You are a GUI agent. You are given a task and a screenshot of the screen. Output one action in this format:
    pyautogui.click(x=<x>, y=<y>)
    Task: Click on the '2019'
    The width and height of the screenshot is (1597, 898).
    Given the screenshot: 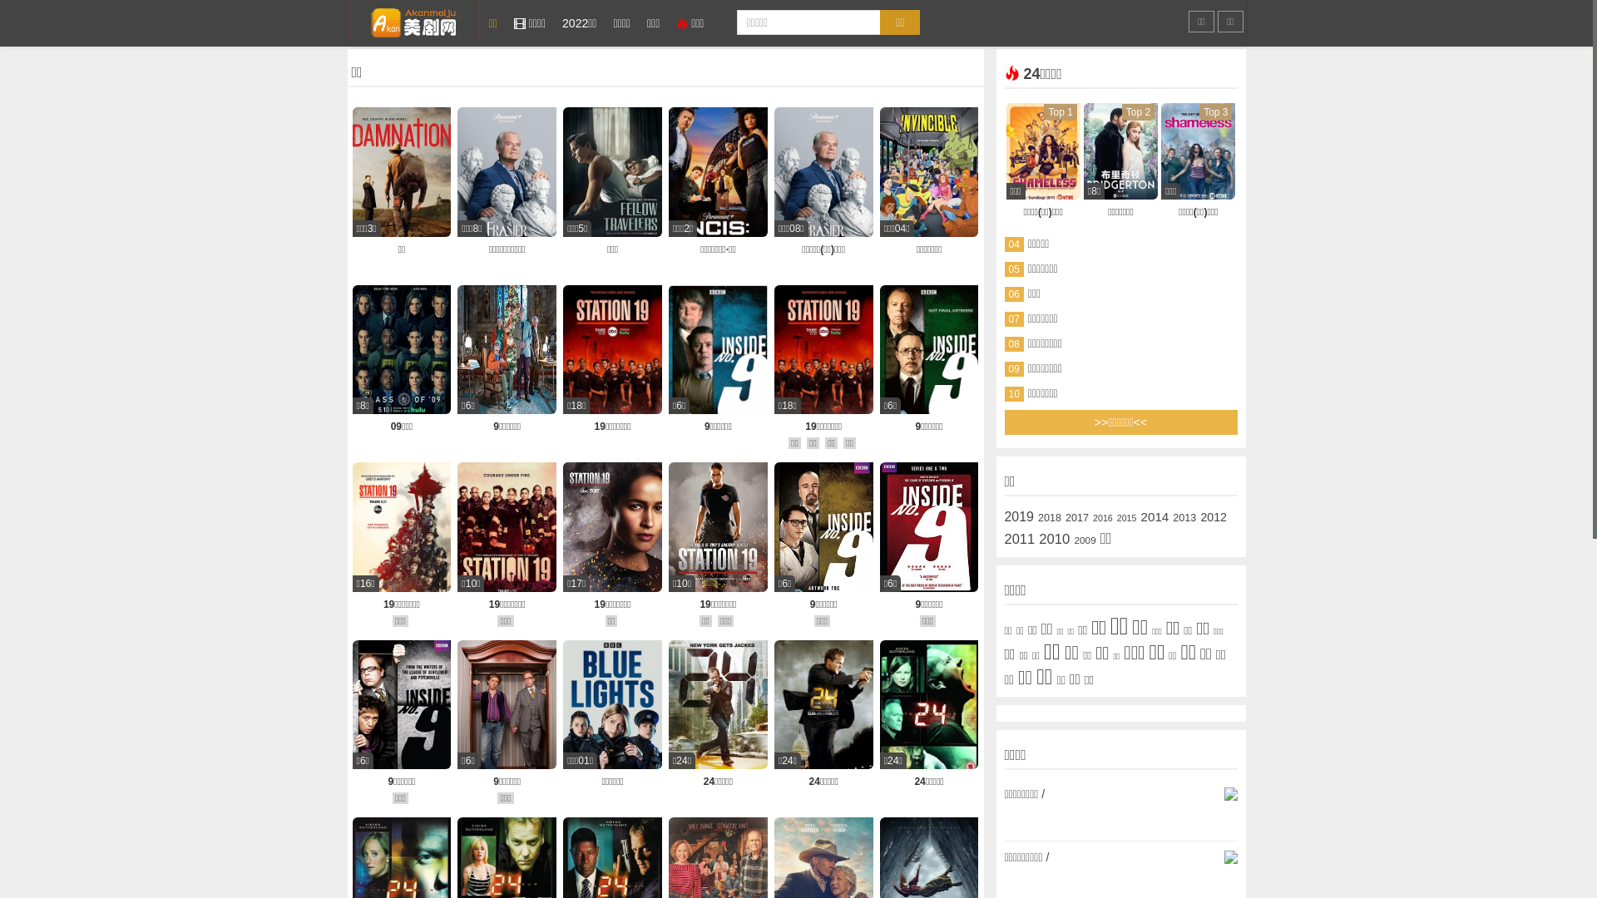 What is the action you would take?
    pyautogui.click(x=1018, y=516)
    